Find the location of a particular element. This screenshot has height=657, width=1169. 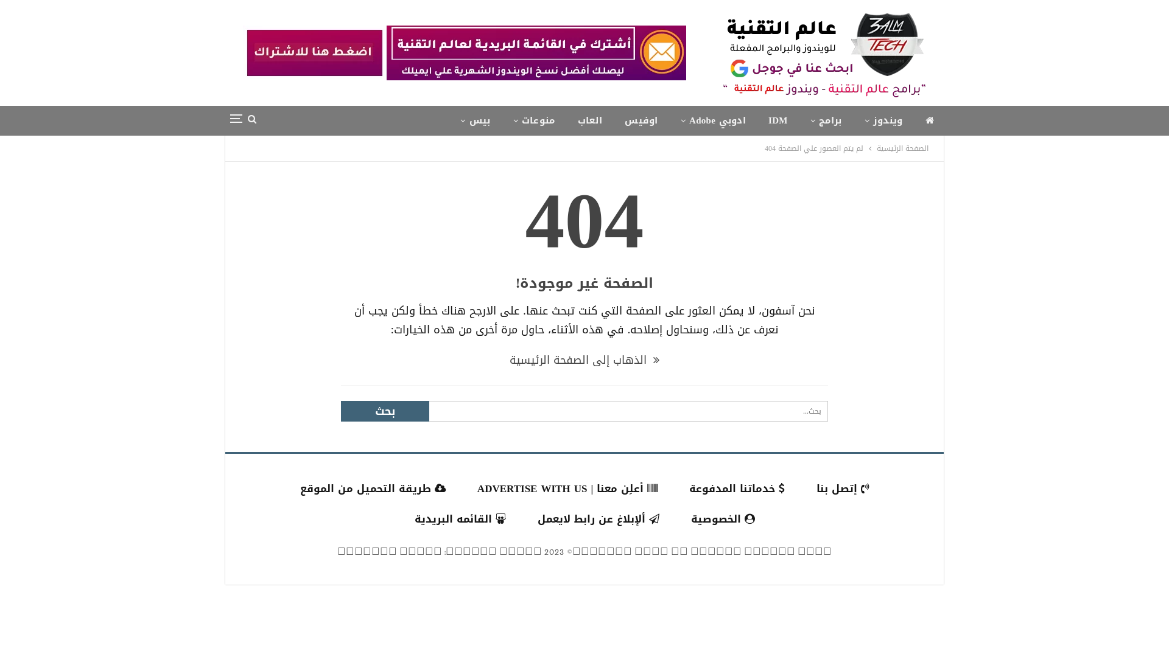

'IDM' is located at coordinates (758, 120).